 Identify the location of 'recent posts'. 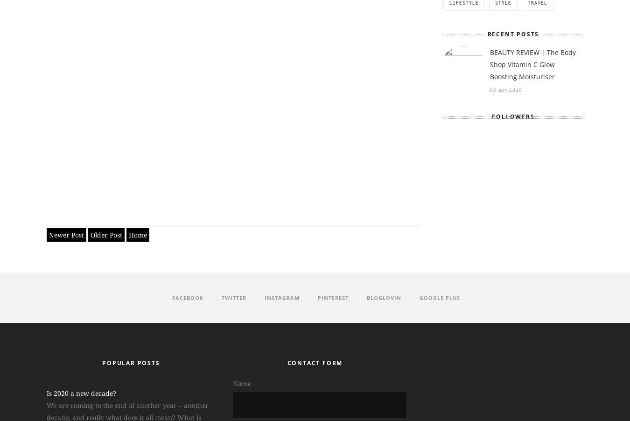
(513, 34).